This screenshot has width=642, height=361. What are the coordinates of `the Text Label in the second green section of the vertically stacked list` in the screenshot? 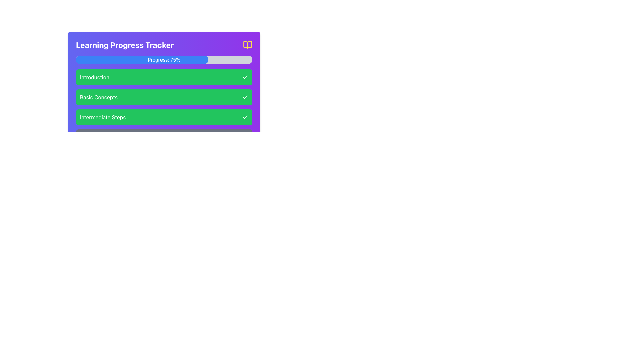 It's located at (98, 97).